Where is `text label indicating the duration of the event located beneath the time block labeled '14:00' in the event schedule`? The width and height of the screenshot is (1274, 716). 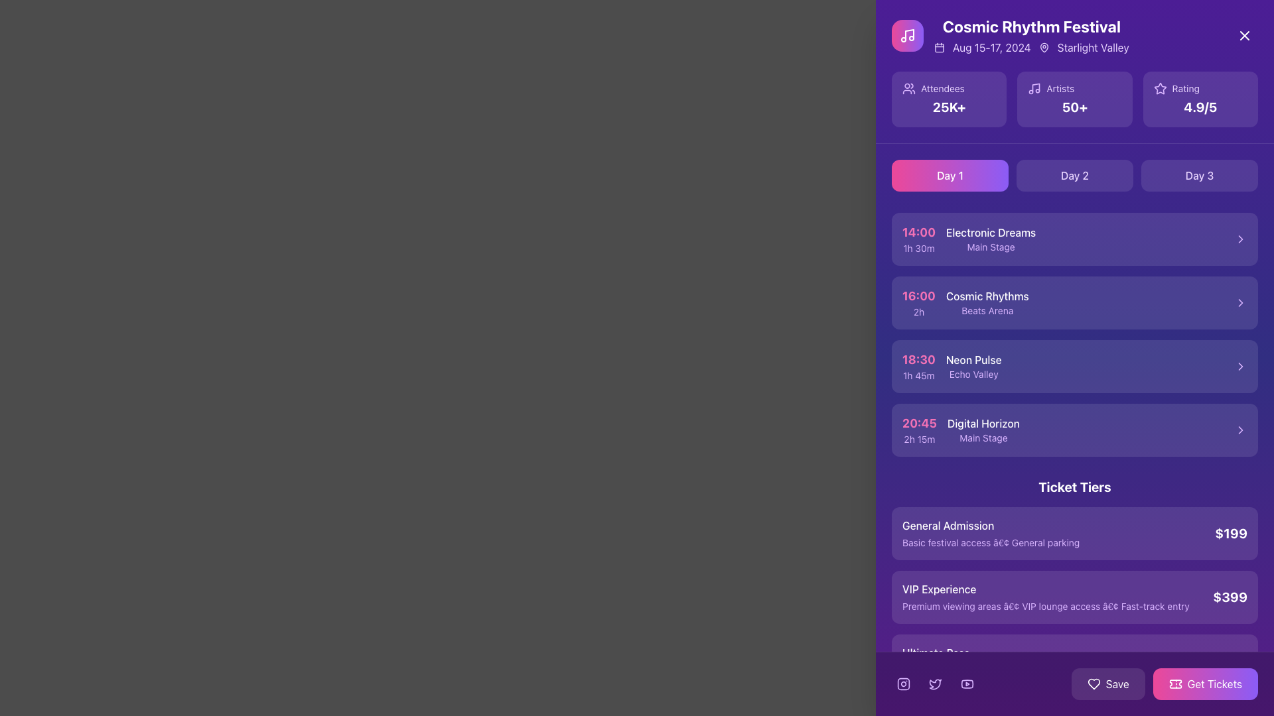 text label indicating the duration of the event located beneath the time block labeled '14:00' in the event schedule is located at coordinates (918, 248).